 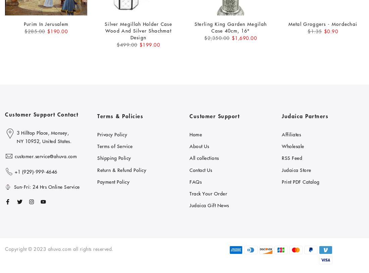 What do you see at coordinates (120, 116) in the screenshot?
I see `'Terms & Policies'` at bounding box center [120, 116].